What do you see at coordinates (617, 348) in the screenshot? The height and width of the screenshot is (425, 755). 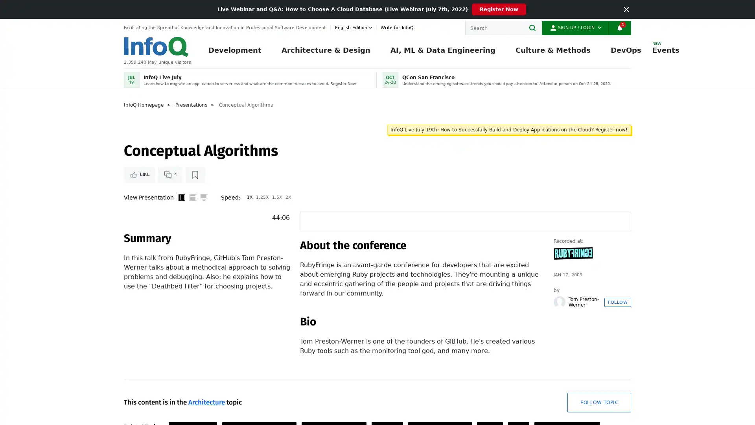 I see `Follow` at bounding box center [617, 348].